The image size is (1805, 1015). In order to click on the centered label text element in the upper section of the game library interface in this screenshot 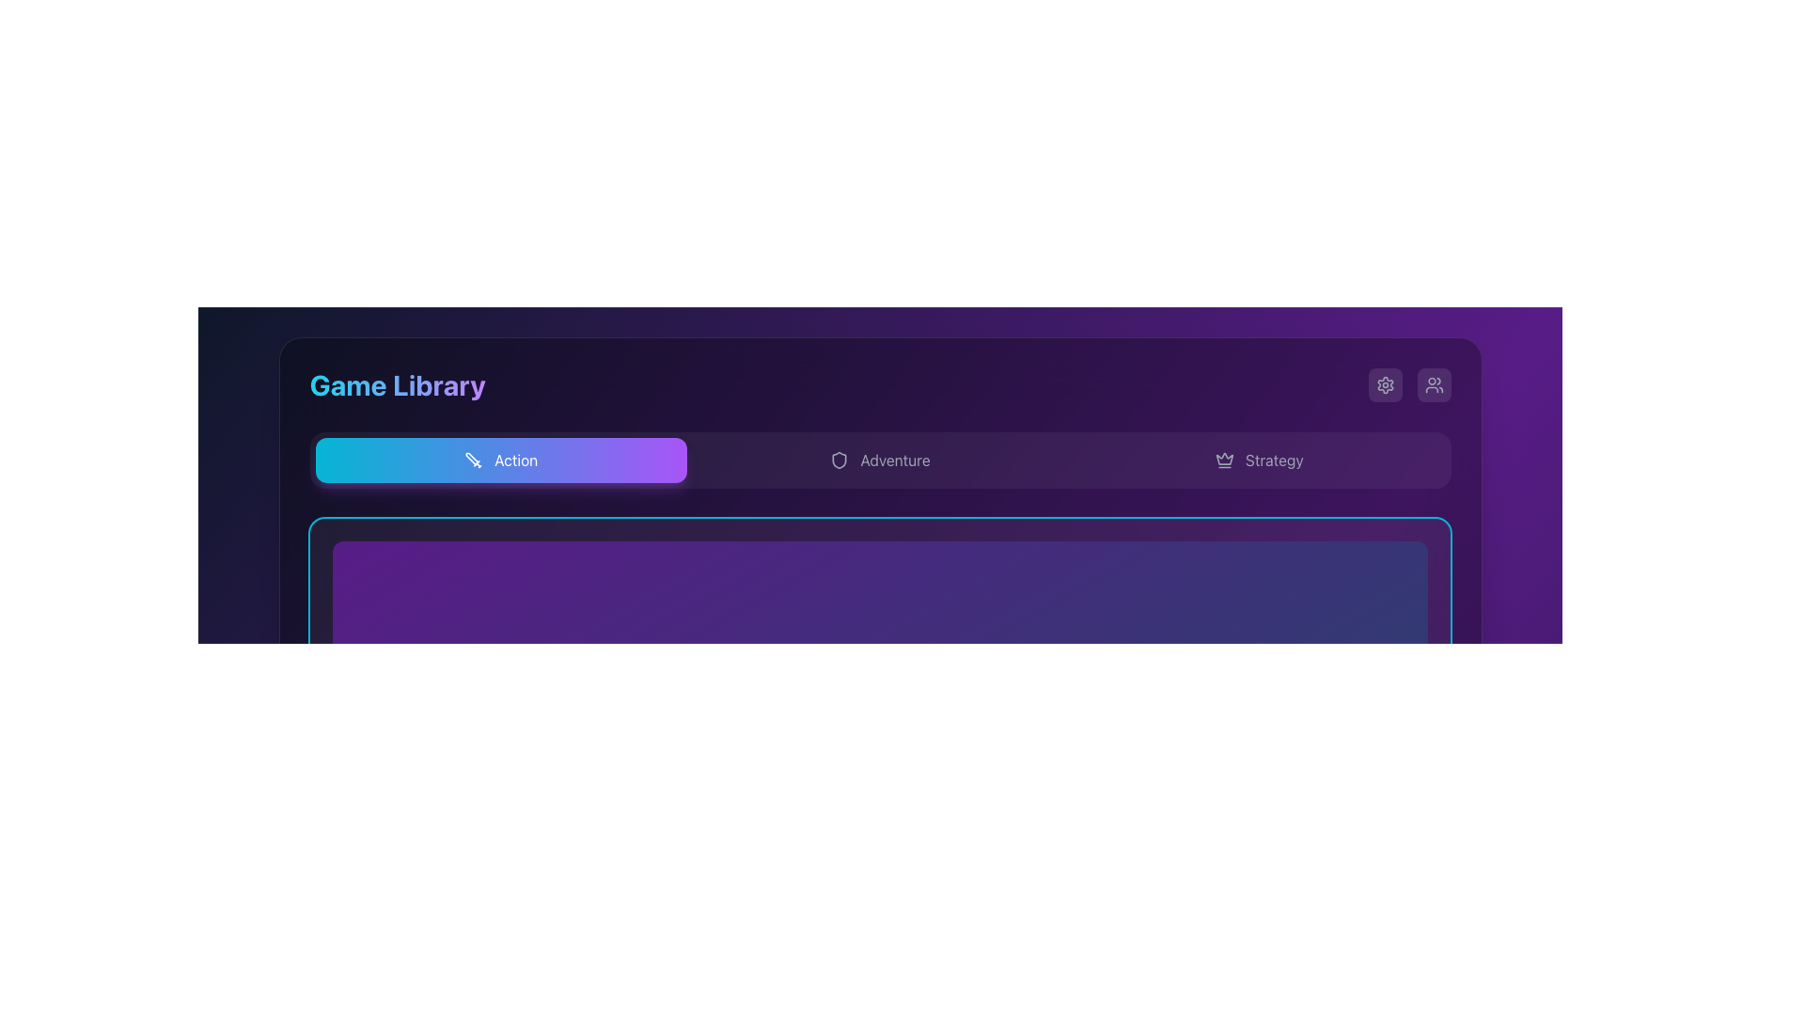, I will do `click(894, 460)`.